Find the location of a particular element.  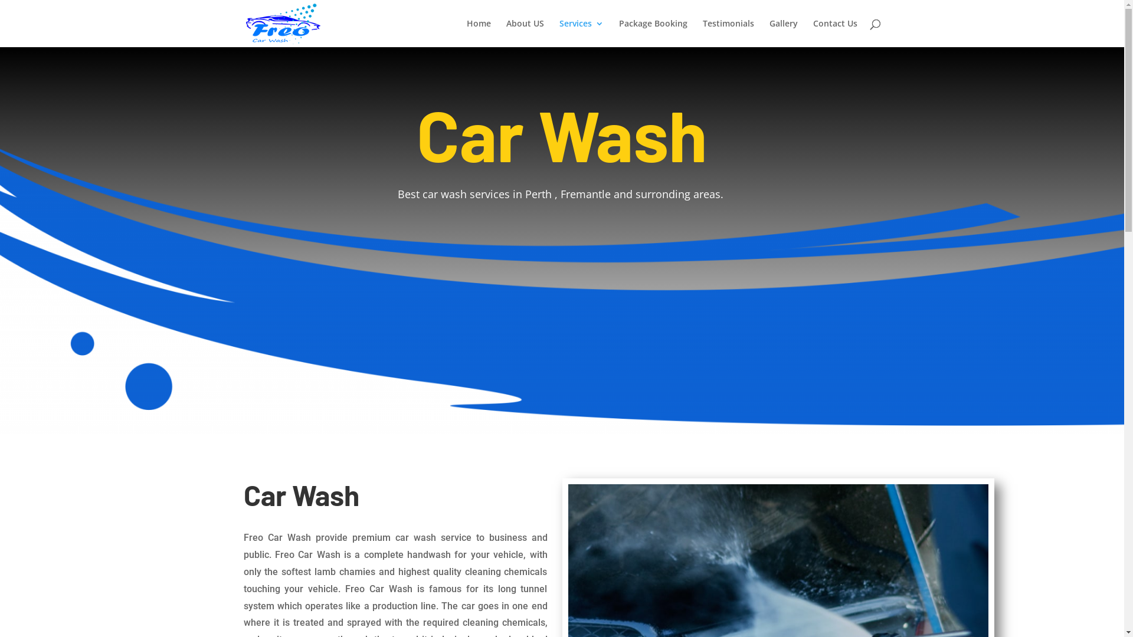

'Home' is located at coordinates (466, 32).